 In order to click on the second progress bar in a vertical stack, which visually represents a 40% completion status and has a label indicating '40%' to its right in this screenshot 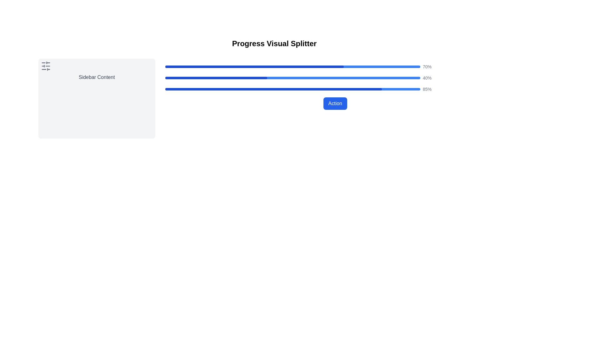, I will do `click(335, 78)`.